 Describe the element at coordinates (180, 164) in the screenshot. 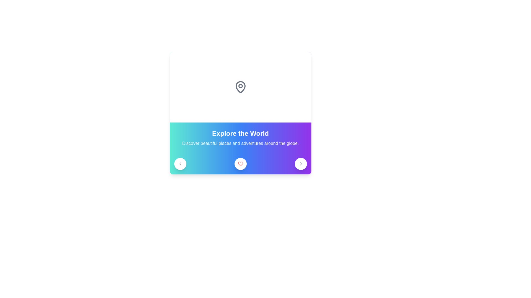

I see `the left-facing chevron icon button with a gray color and circular white background located at the bottom-left corner of the card to trigger a tooltip or visual feedback` at that location.